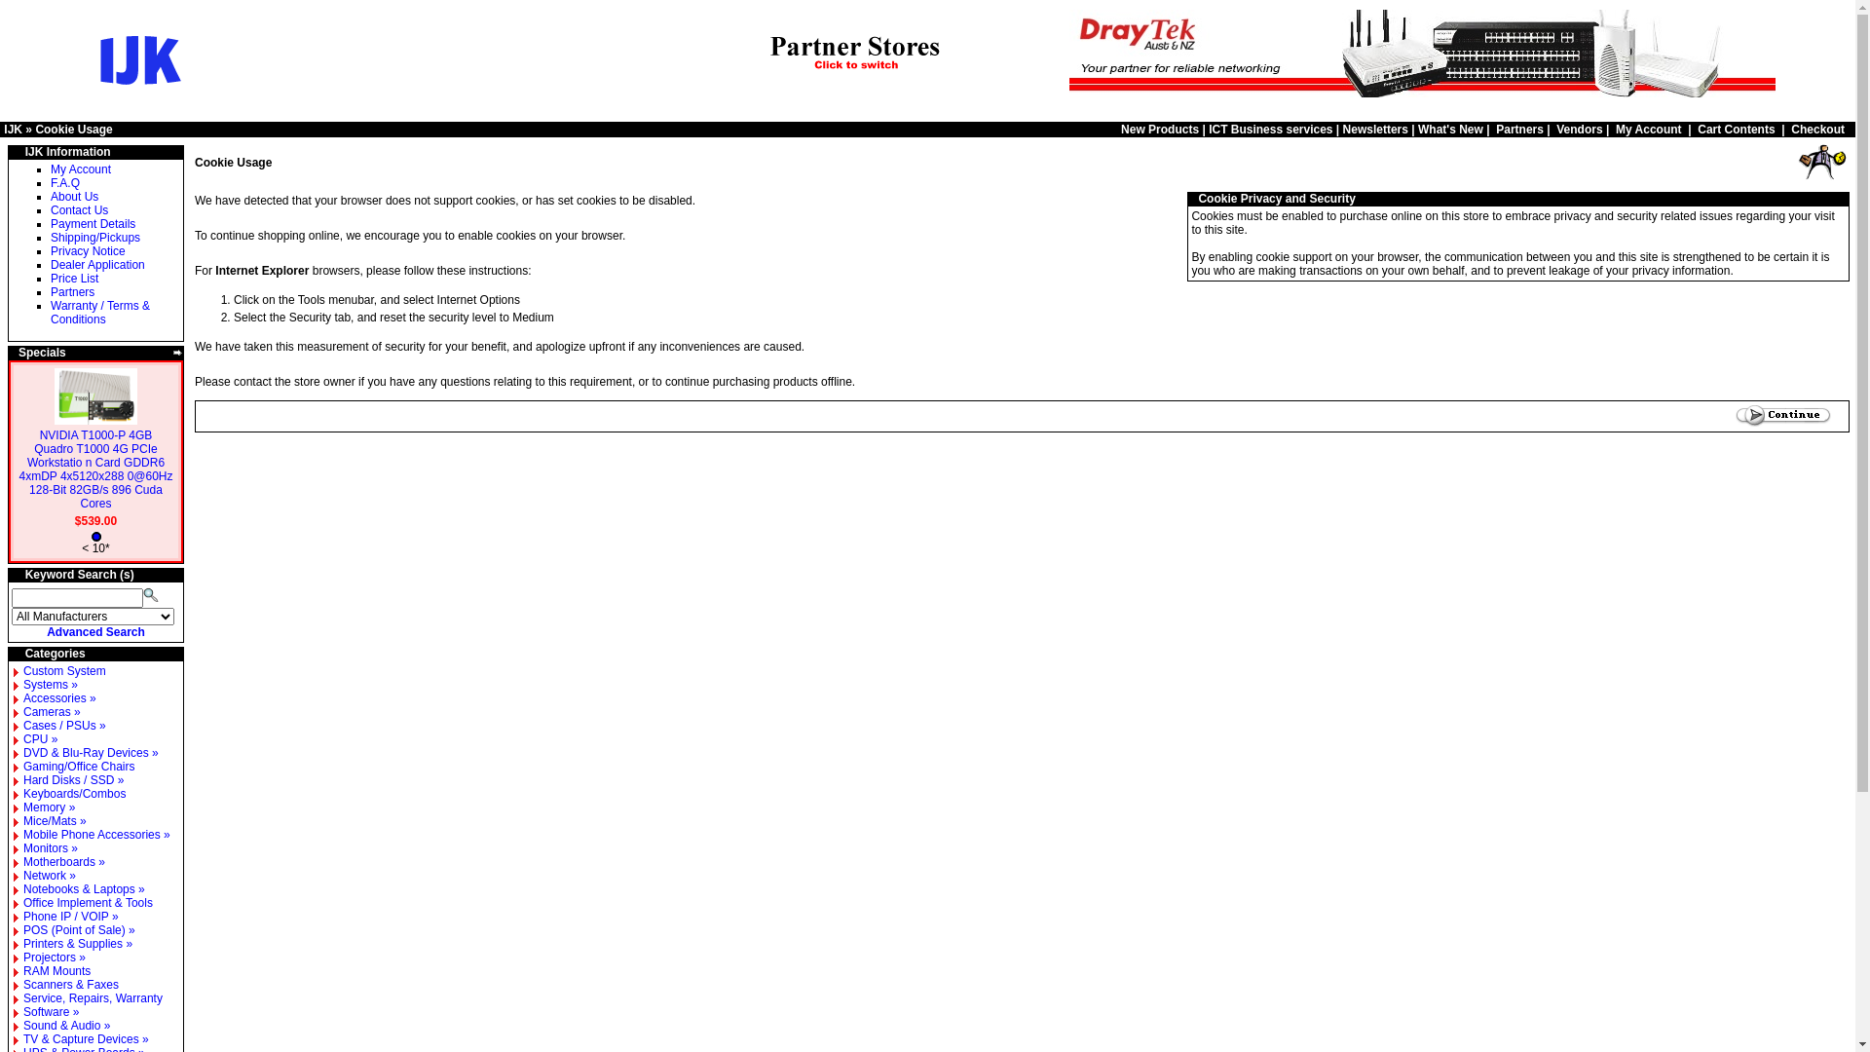 The height and width of the screenshot is (1052, 1870). Describe the element at coordinates (74, 278) in the screenshot. I see `'Price List'` at that location.